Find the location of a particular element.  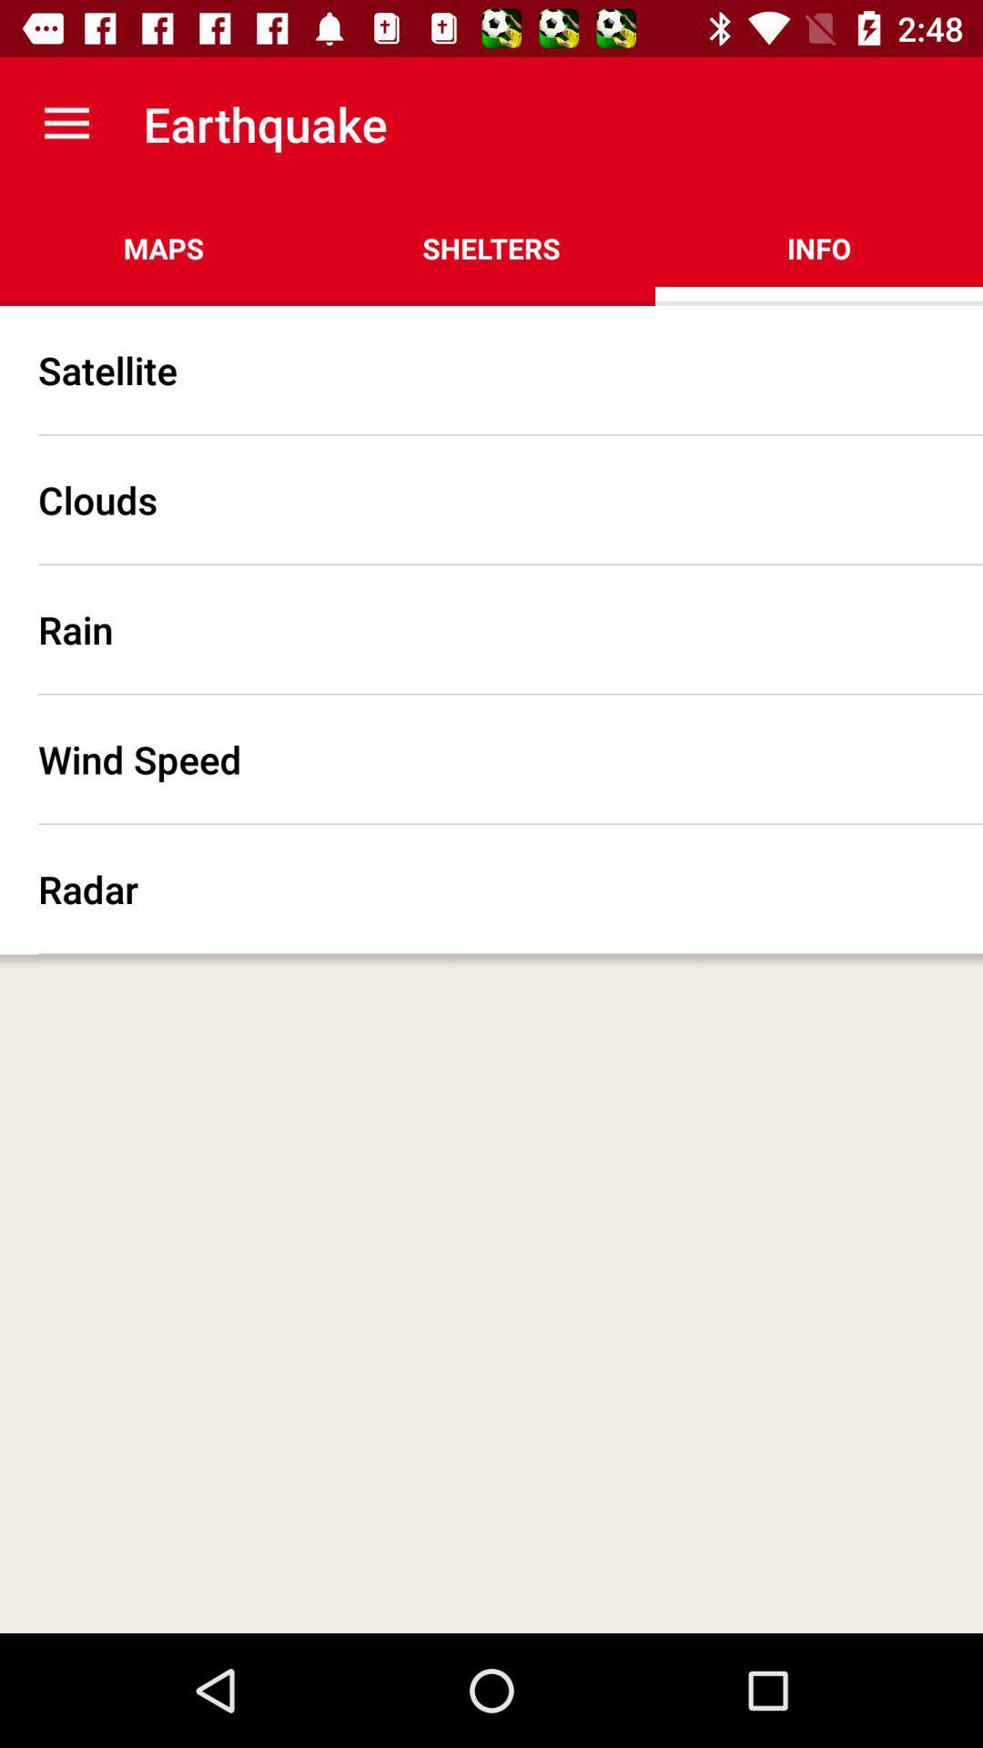

app below earthquake item is located at coordinates (491, 248).